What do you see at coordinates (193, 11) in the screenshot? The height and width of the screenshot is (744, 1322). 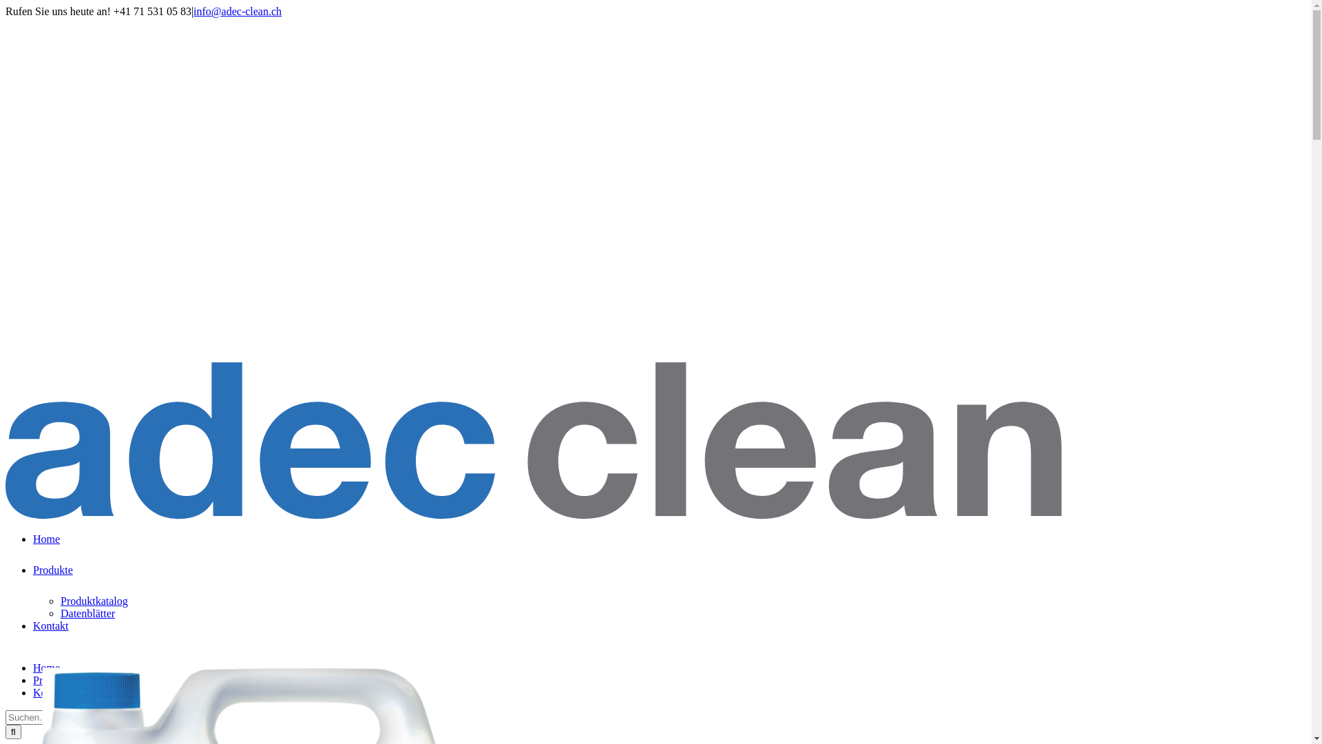 I see `'info@adec-clean.ch'` at bounding box center [193, 11].